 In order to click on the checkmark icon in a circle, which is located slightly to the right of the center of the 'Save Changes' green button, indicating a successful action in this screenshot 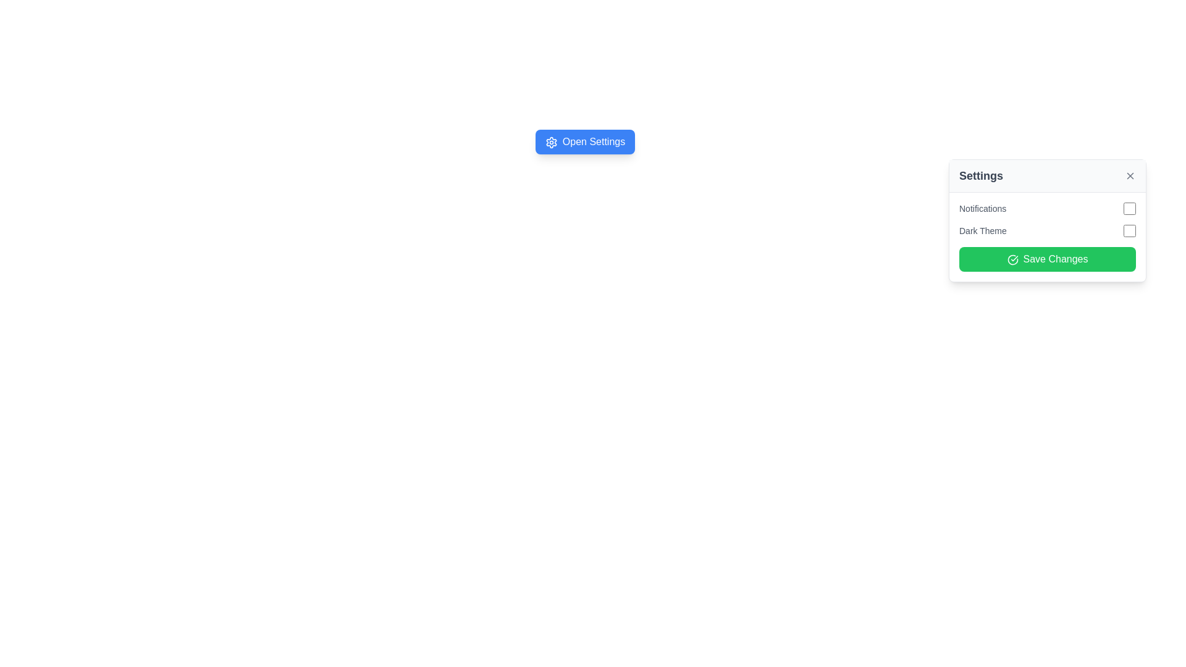, I will do `click(1012, 259)`.